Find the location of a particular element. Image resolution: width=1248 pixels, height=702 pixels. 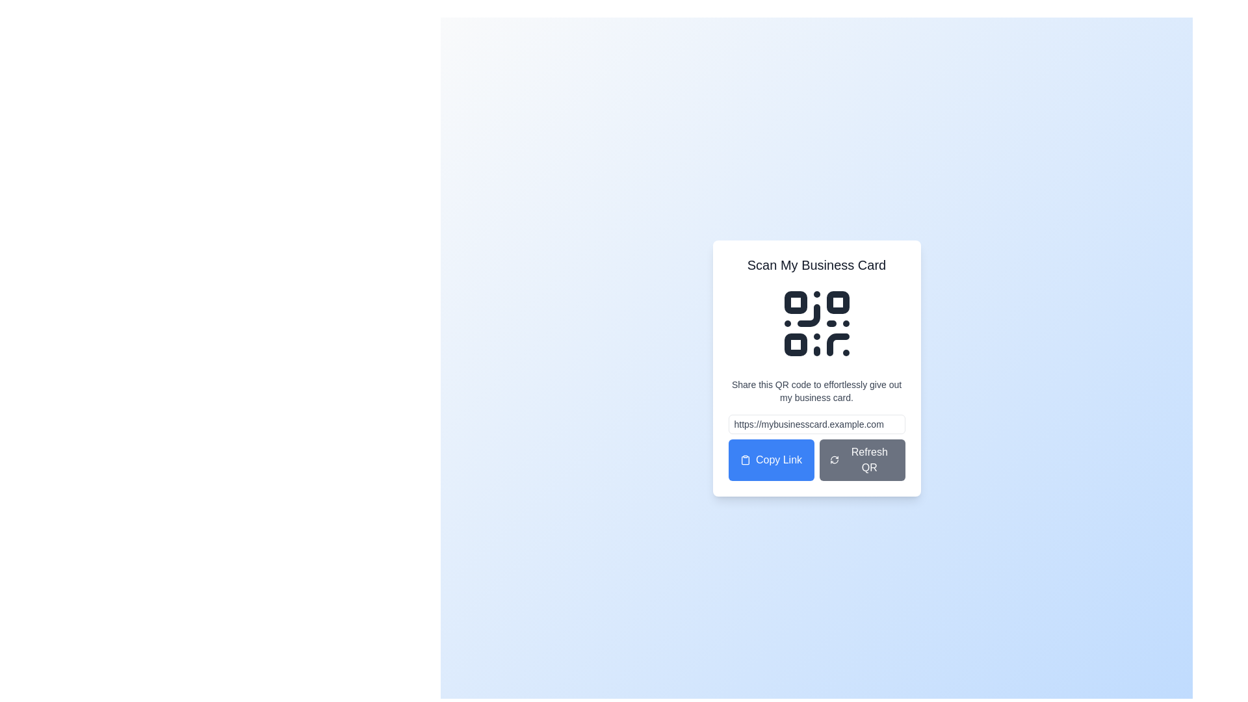

the second square in the first row of the QR code, which is a small, dark, square-shaped symbol with slightly rounded corners is located at coordinates (838, 302).